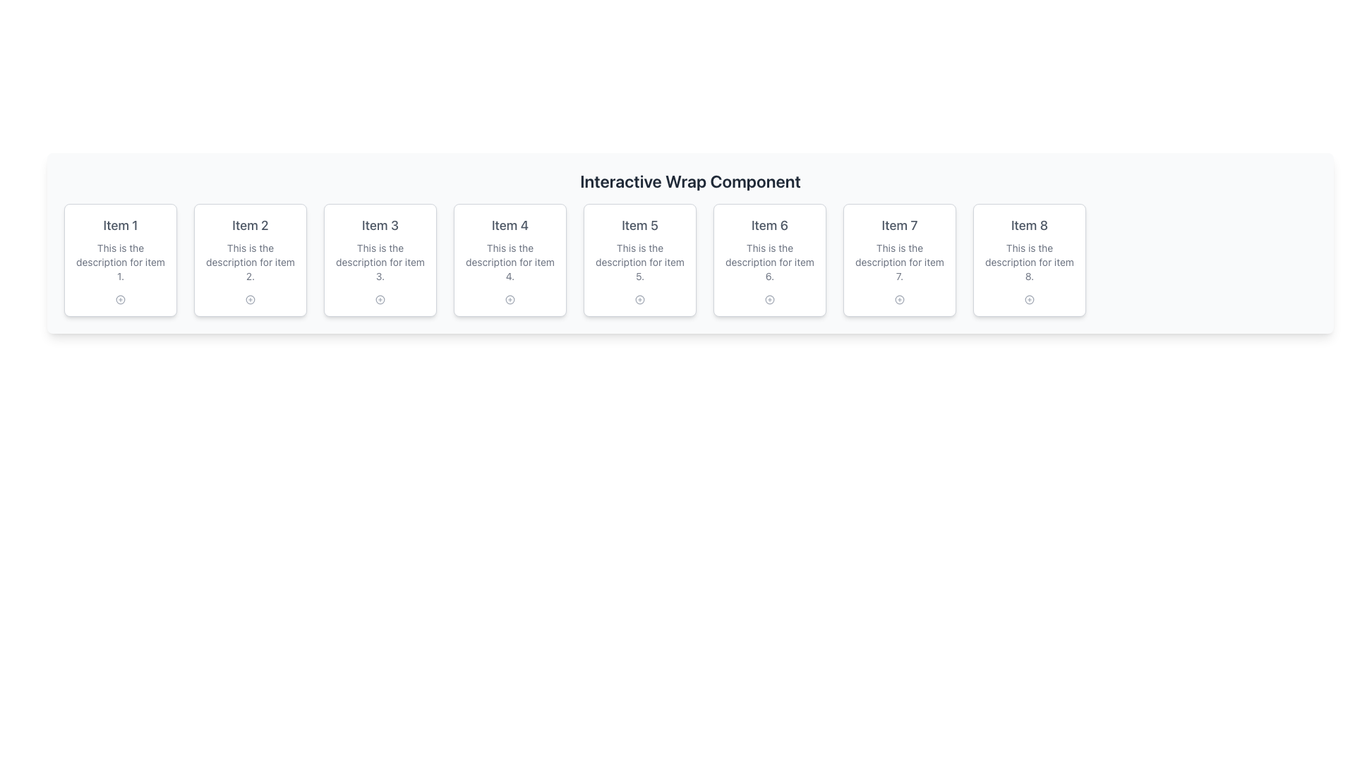  Describe the element at coordinates (899, 260) in the screenshot. I see `the interactive card titled 'Item 7' with a white background and a plus-circle icon at the bottom center` at that location.